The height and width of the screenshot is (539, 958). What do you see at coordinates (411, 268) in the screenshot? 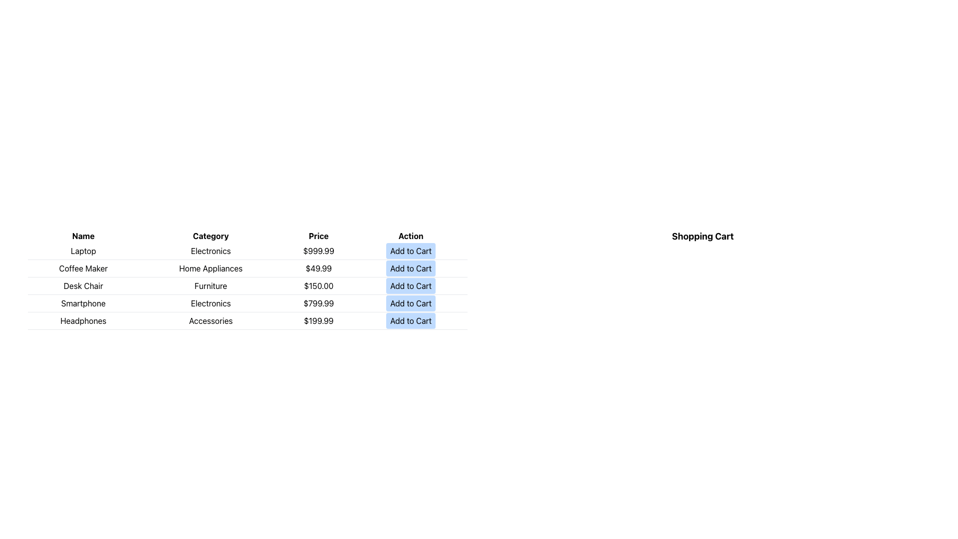
I see `the 'Add to Cart' button with a light blue background and black text, located in the 'Action' column under the 'Coffee Maker' item` at bounding box center [411, 268].